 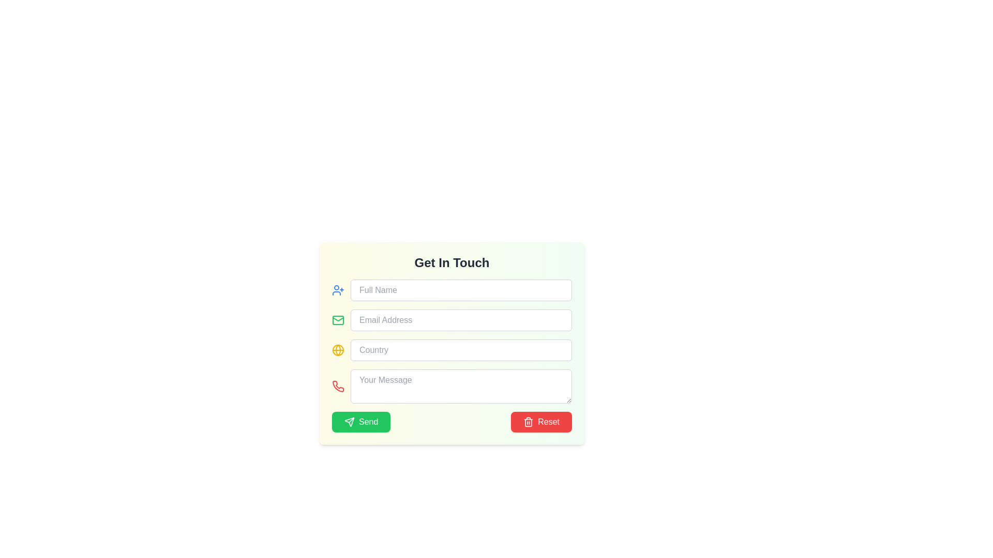 I want to click on the red phone icon, which is the fourth icon in a vertical column on the left side of the interface, to interact with the 'Your Message' text input field, so click(x=338, y=386).